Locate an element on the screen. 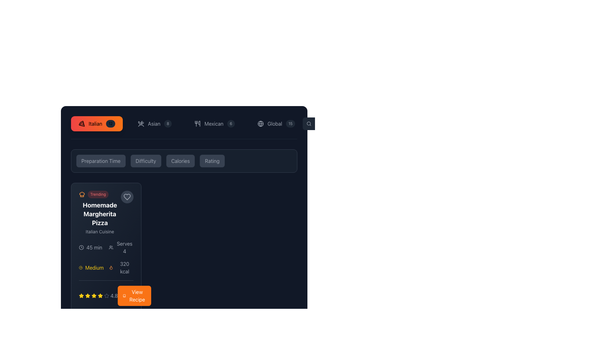  the static text label that displays the caloric content of the recipe, located in the lower section of the recipe card layout, to the right of an orange flame icon is located at coordinates (124, 268).